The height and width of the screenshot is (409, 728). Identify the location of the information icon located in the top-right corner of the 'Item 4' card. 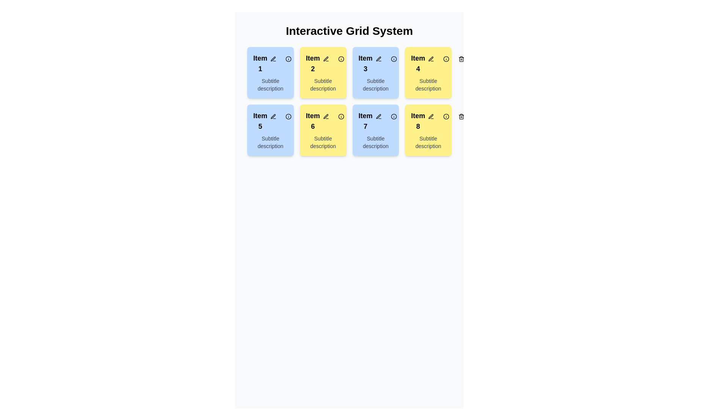
(446, 58).